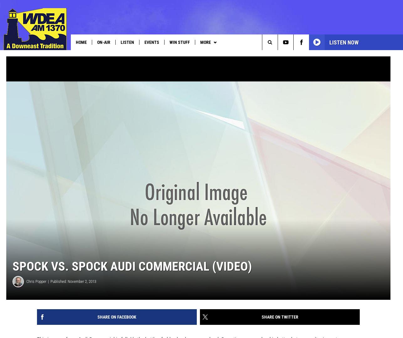 This screenshot has width=403, height=338. I want to click on 'Home', so click(76, 42).